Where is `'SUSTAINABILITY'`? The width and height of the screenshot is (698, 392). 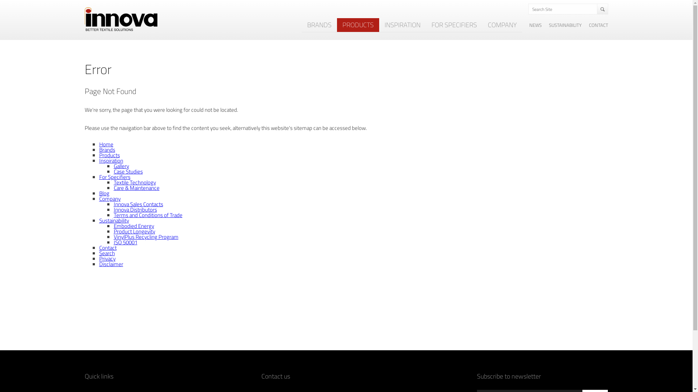 'SUSTAINABILITY' is located at coordinates (565, 25).